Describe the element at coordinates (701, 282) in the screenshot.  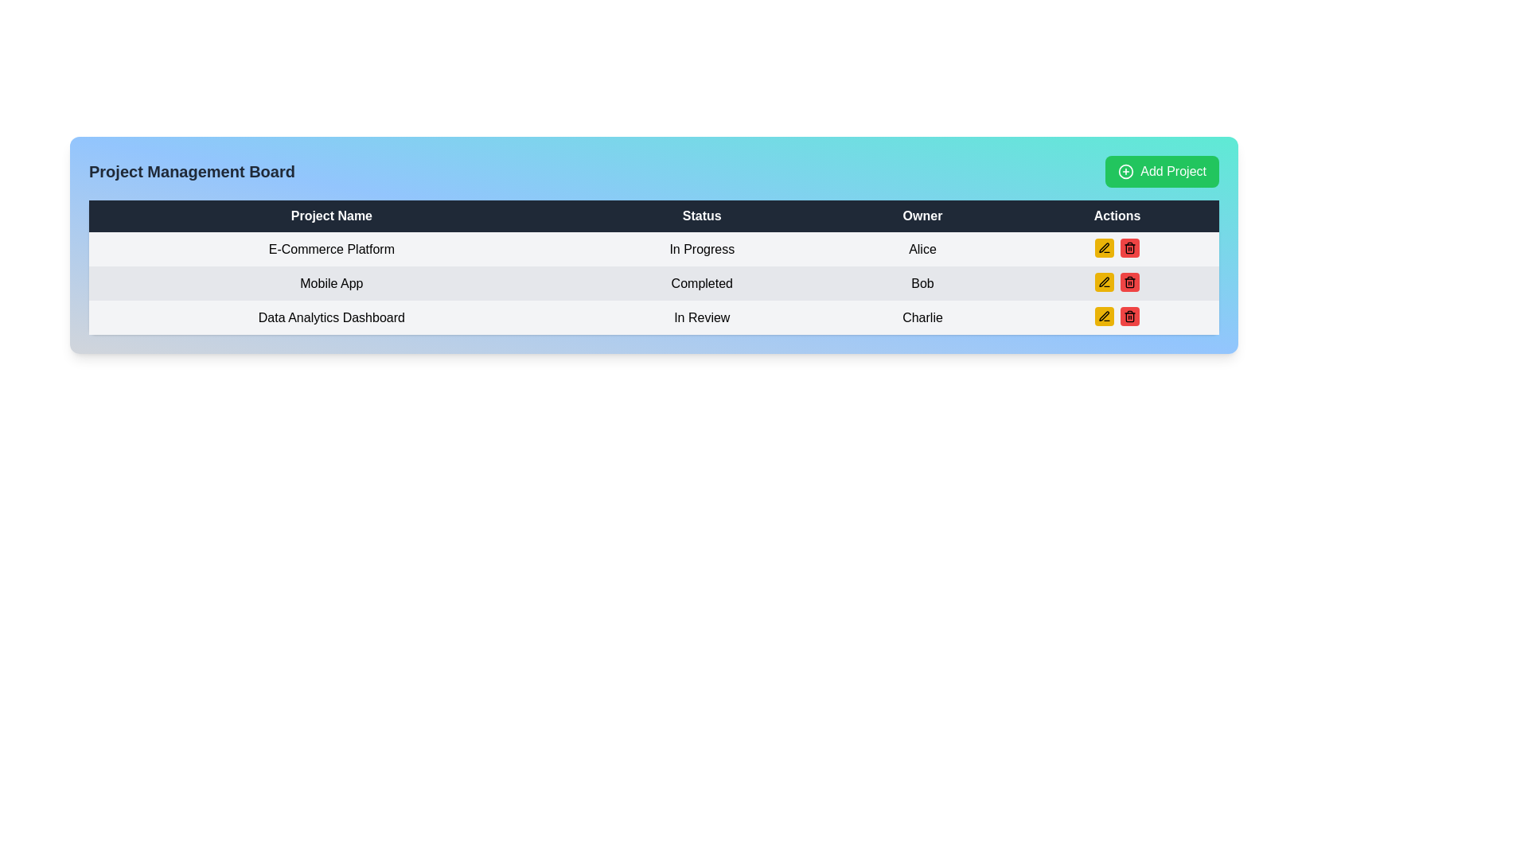
I see `the static text label displaying 'Completed' in the 'Status' column of the 'Mobile App' row in the table-like interface` at that location.